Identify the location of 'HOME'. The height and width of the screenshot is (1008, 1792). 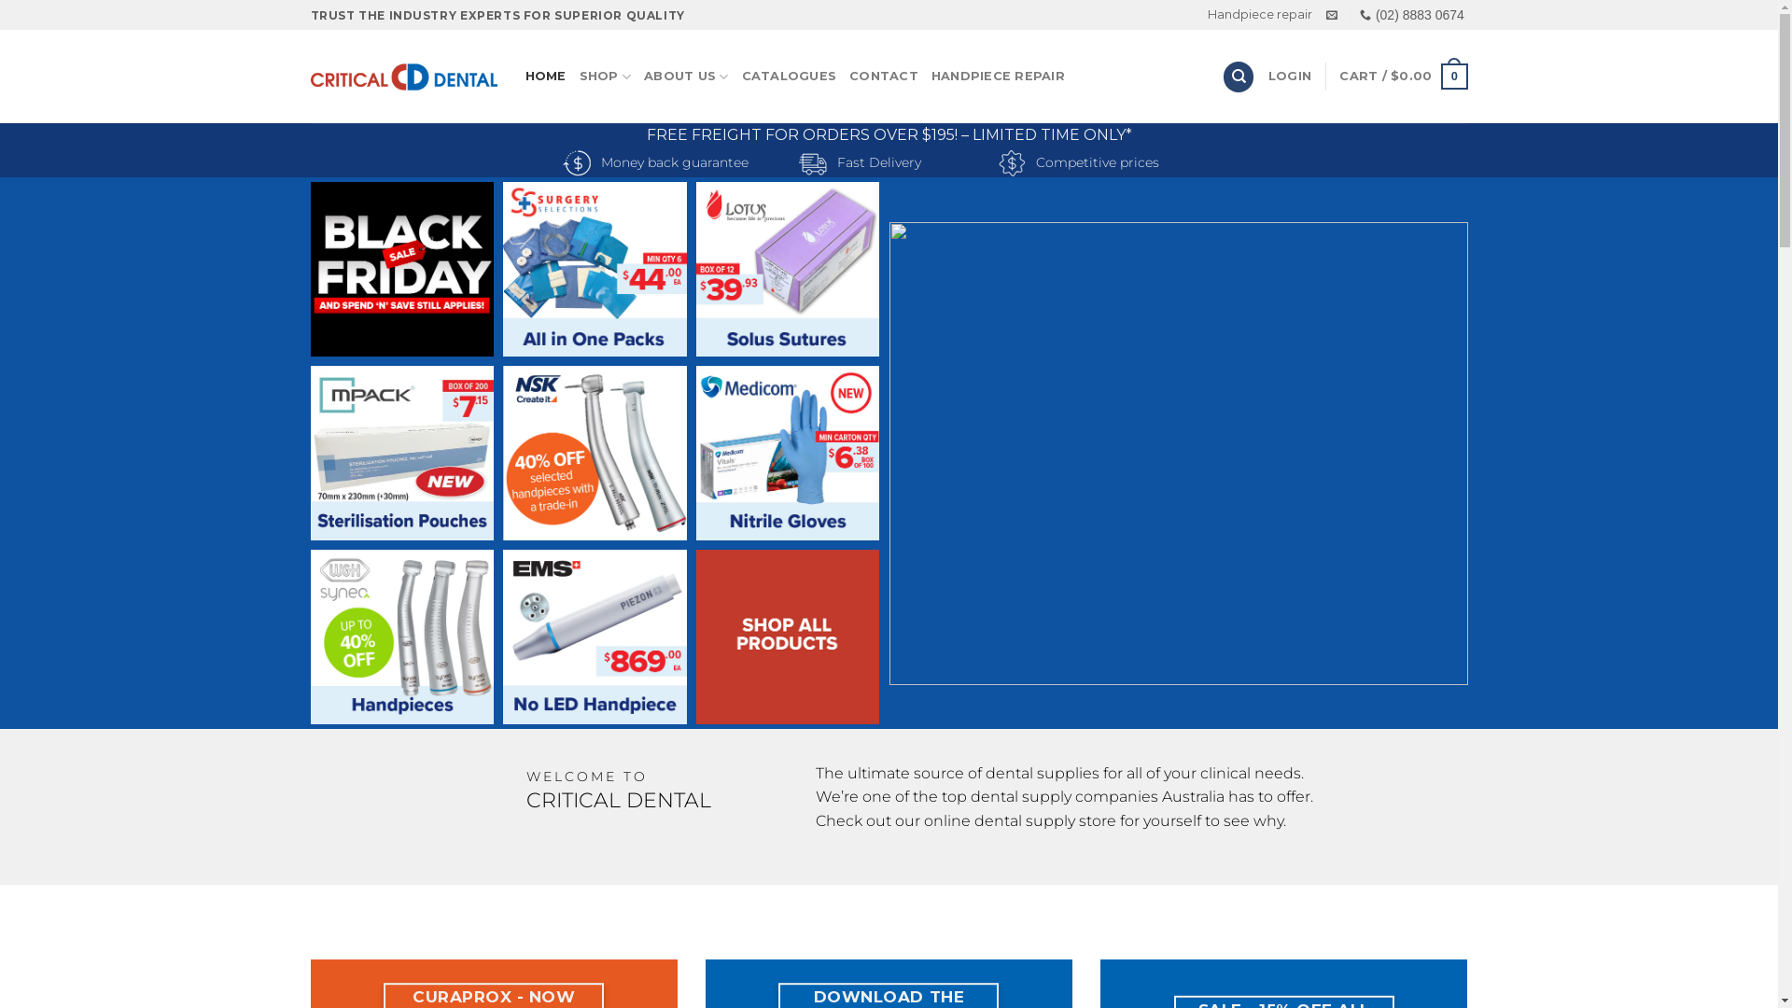
(544, 75).